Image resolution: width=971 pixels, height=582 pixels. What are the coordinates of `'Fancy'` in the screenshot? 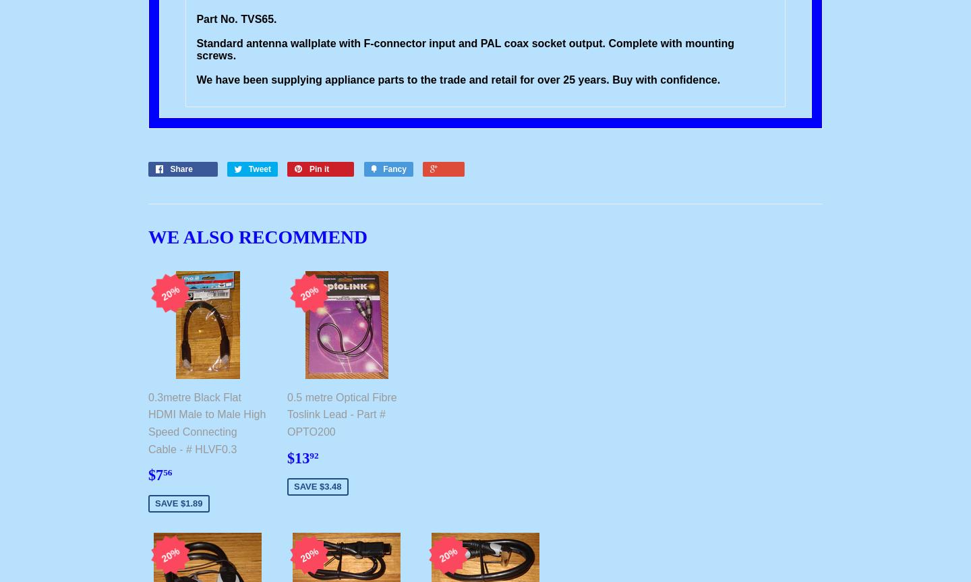 It's located at (394, 169).